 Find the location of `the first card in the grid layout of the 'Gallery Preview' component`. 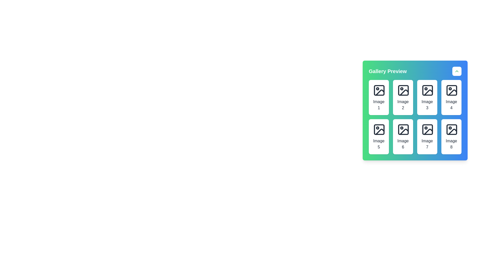

the first card in the grid layout of the 'Gallery Preview' component is located at coordinates (379, 97).